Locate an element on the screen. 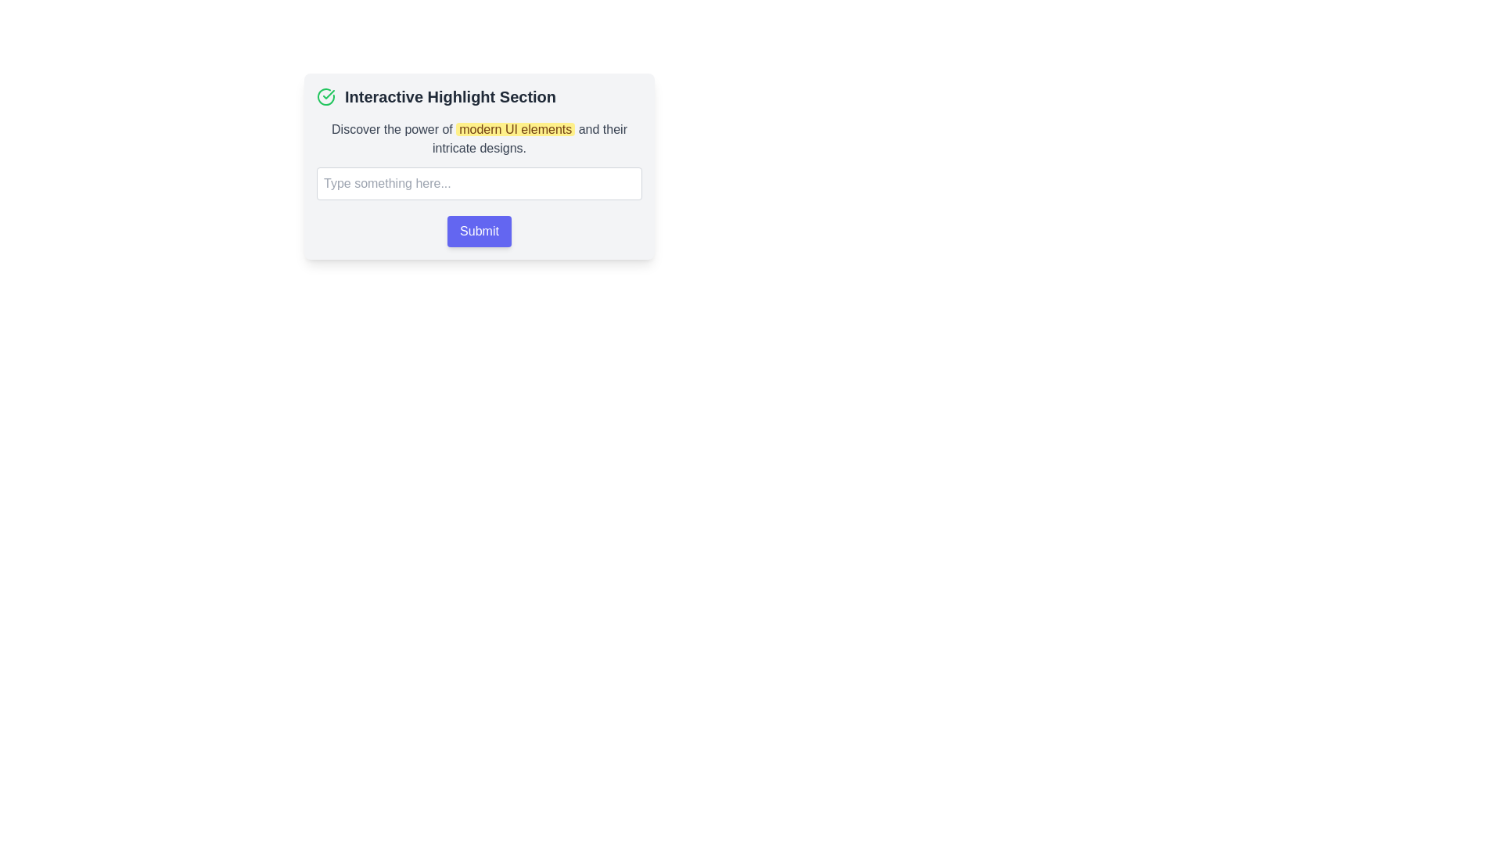 The image size is (1502, 845). the phrase 'modern UI elements' within the static text to trigger a tooltip or emphasis effect is located at coordinates (479, 138).